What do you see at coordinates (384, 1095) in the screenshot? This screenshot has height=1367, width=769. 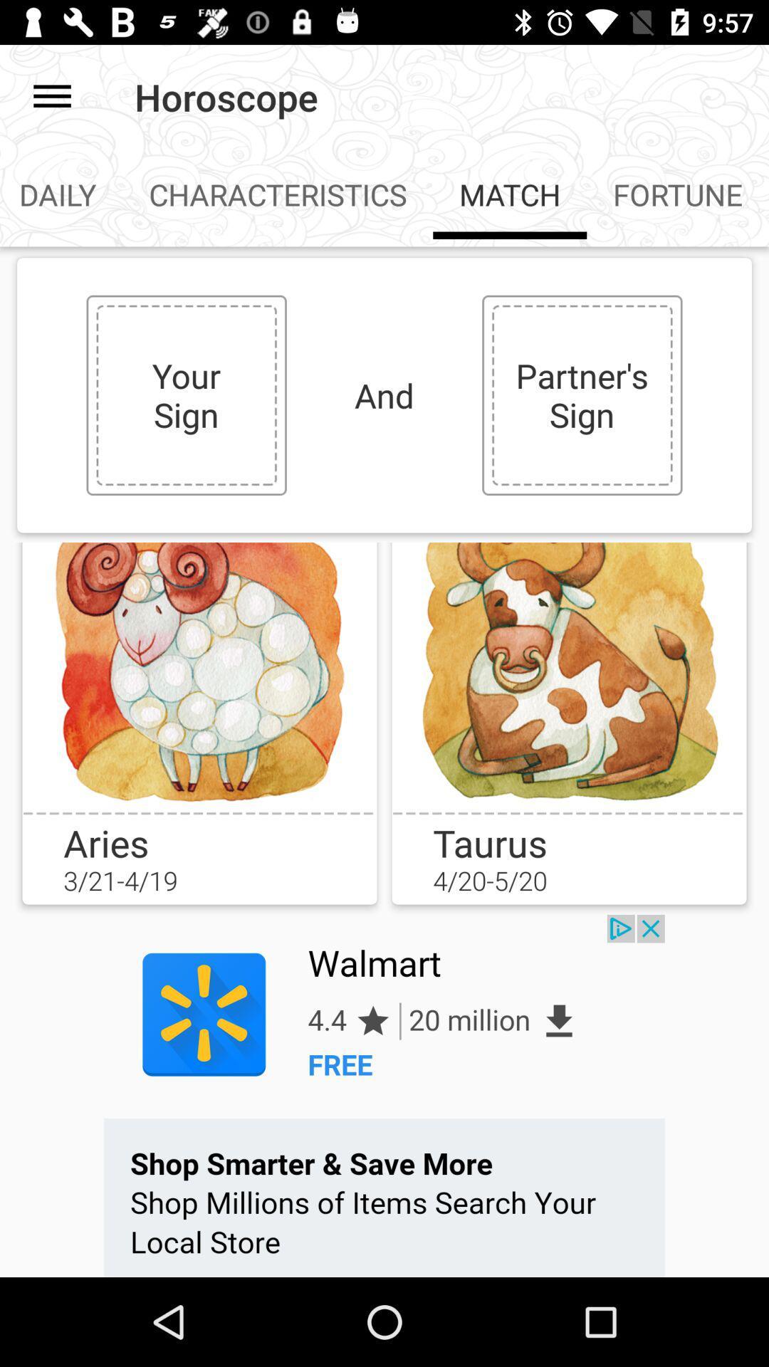 I see `click advertisement banner` at bounding box center [384, 1095].